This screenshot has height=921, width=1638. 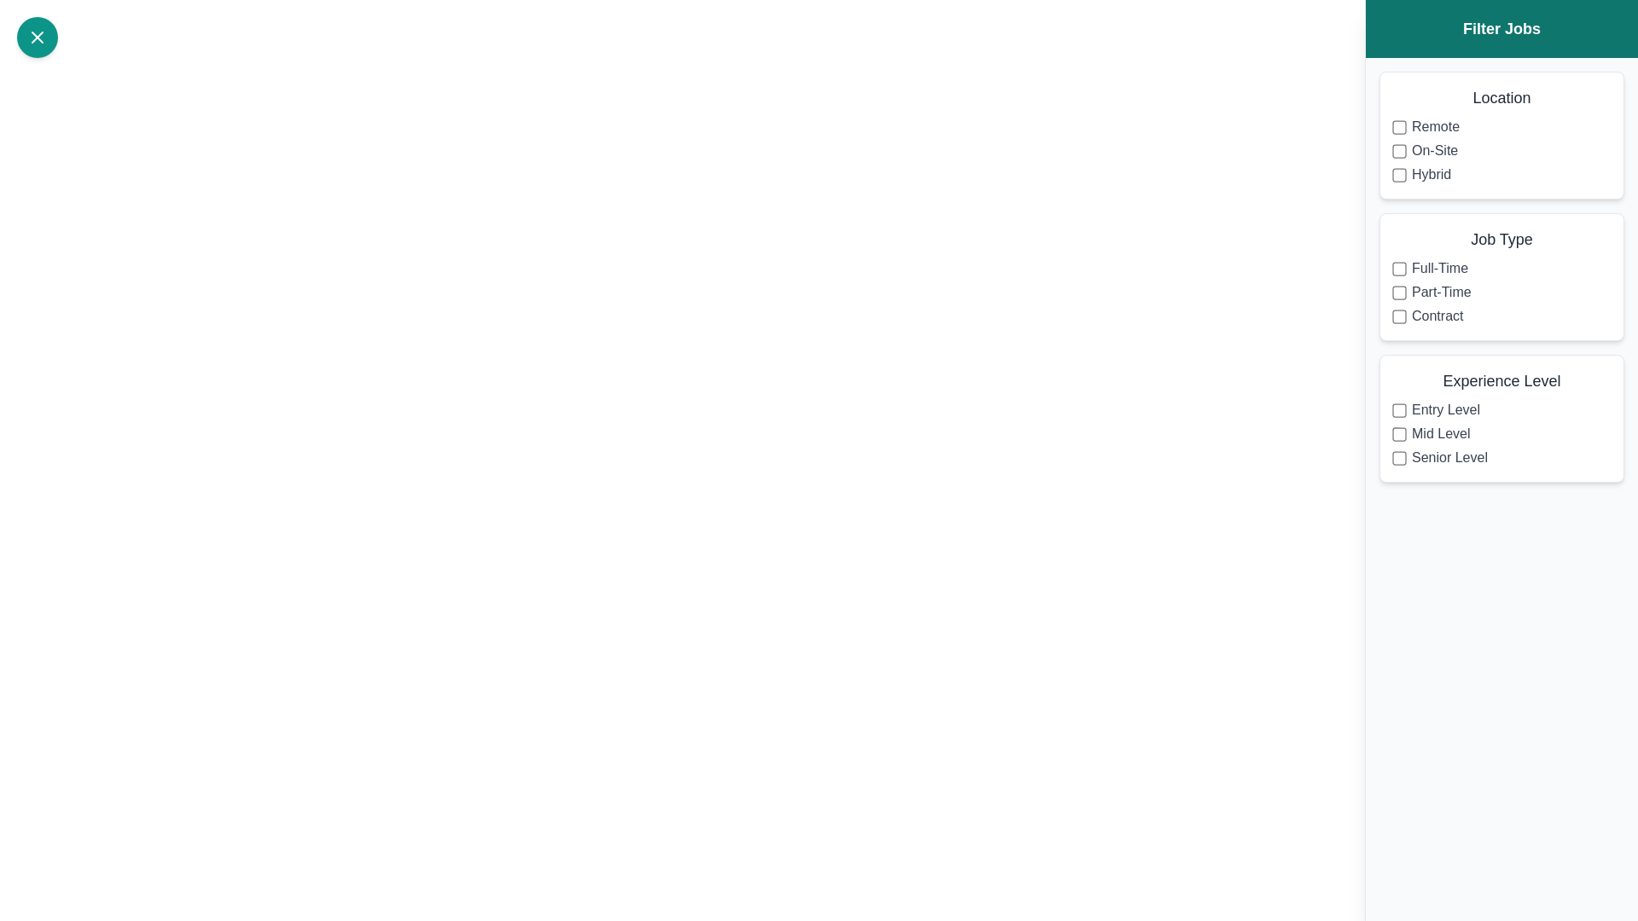 What do you see at coordinates (1399, 456) in the screenshot?
I see `the filter option Senior Level` at bounding box center [1399, 456].